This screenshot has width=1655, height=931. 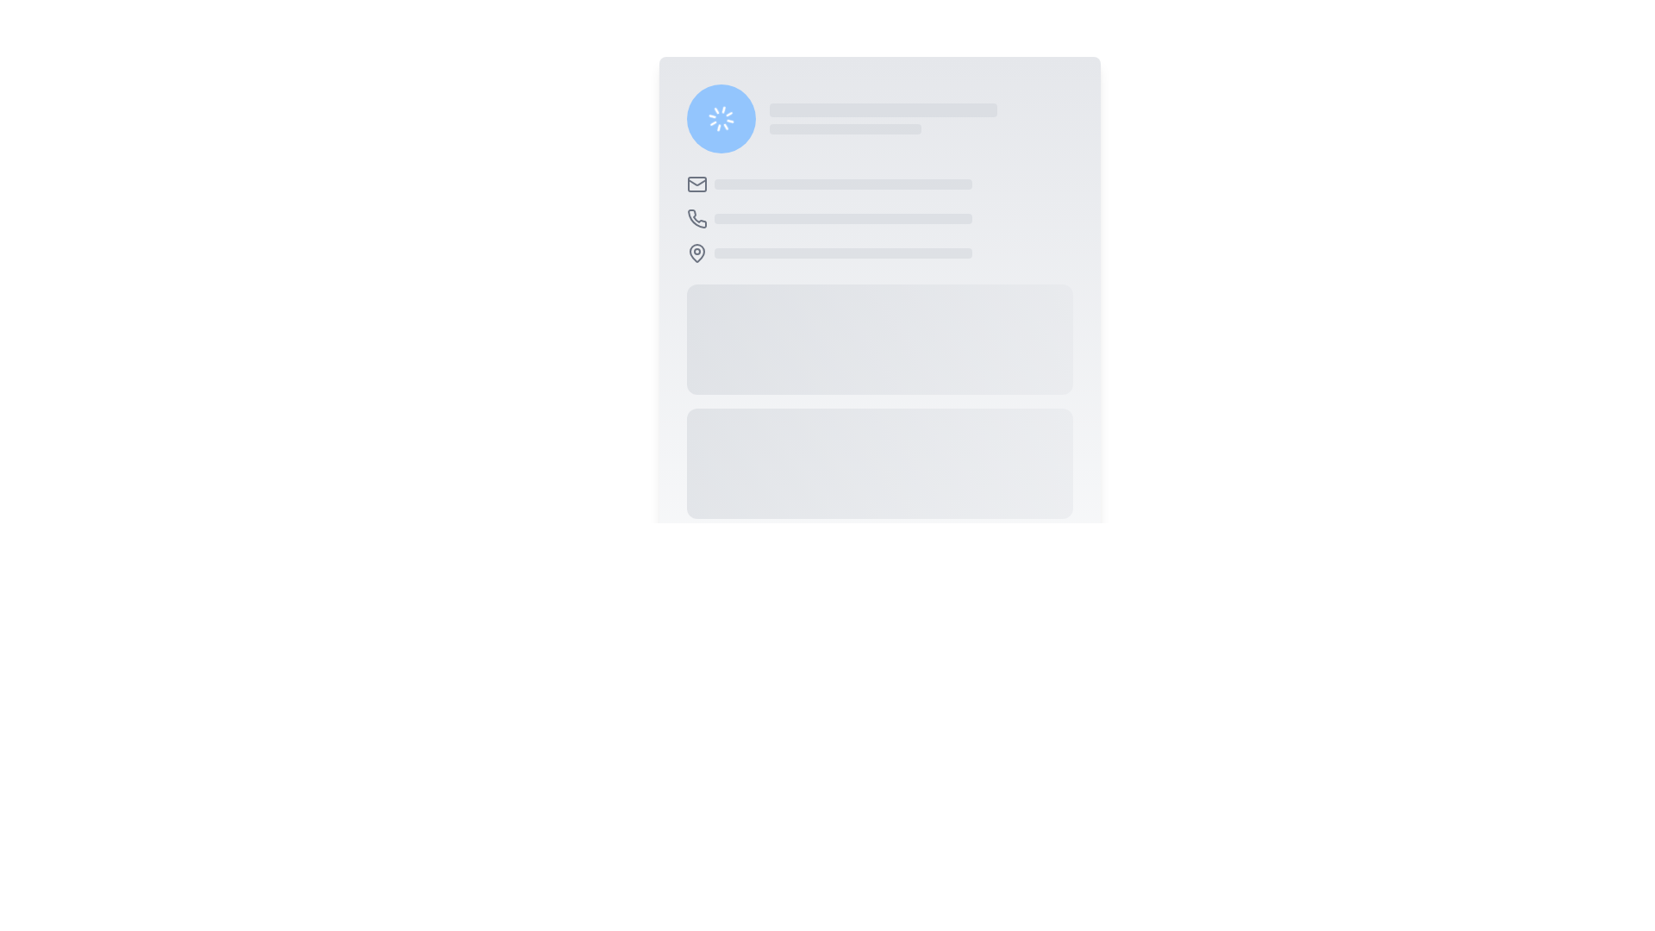 I want to click on the individual parts of the group of placeholder lines with accompanying icons that serve as placeholders for contact information, so click(x=879, y=218).